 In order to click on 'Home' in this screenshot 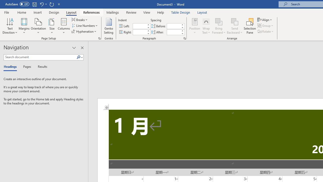, I will do `click(21, 12)`.